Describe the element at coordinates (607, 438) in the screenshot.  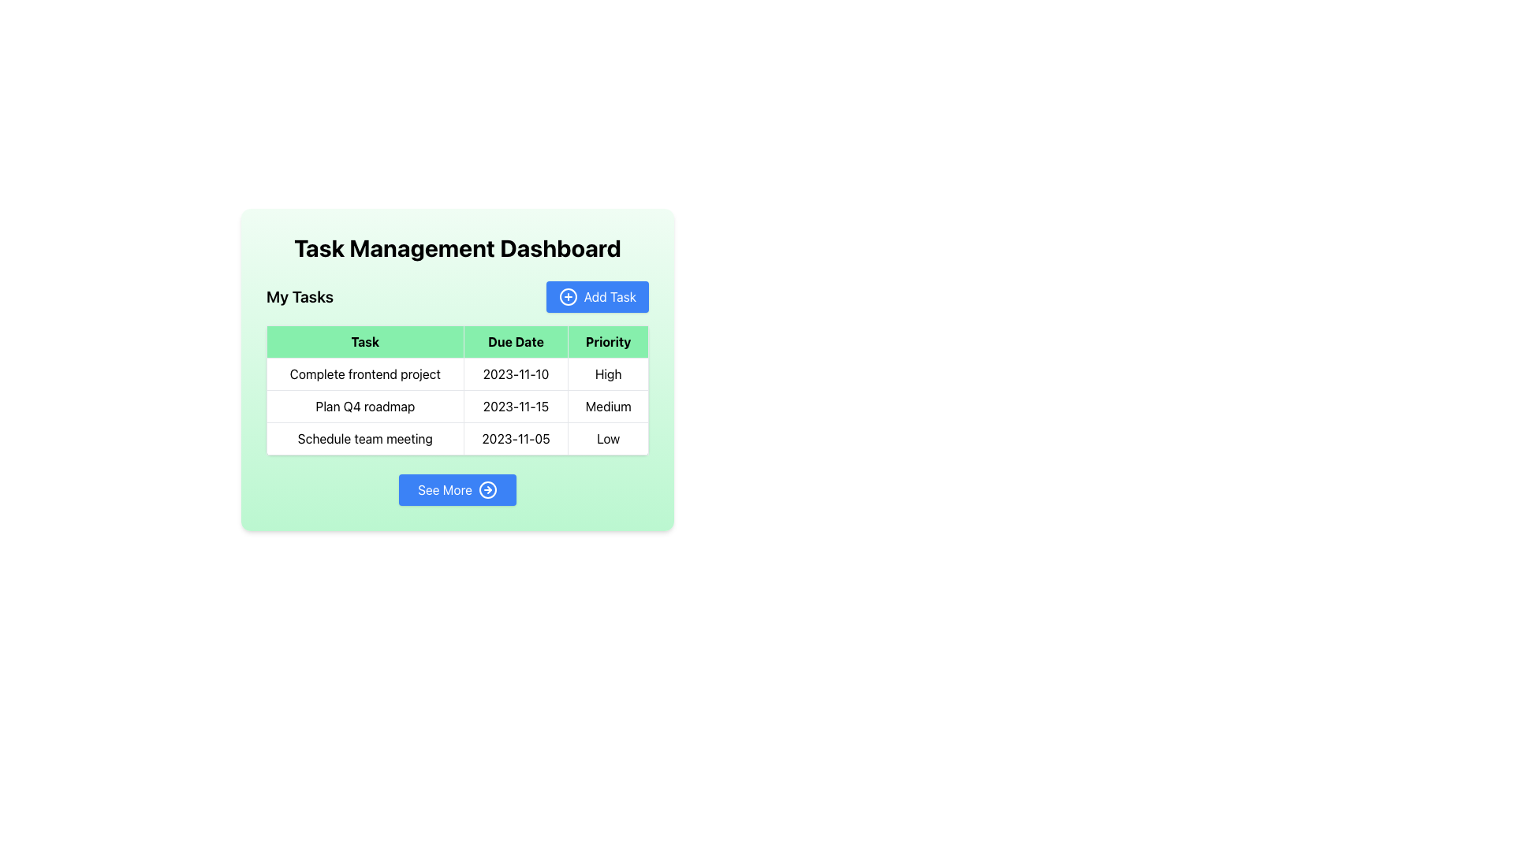
I see `the static text label indicating the priority level of the task 'Schedule team meeting', which is set to 'Low', located in the 'Priority' column of the table in the third row` at that location.